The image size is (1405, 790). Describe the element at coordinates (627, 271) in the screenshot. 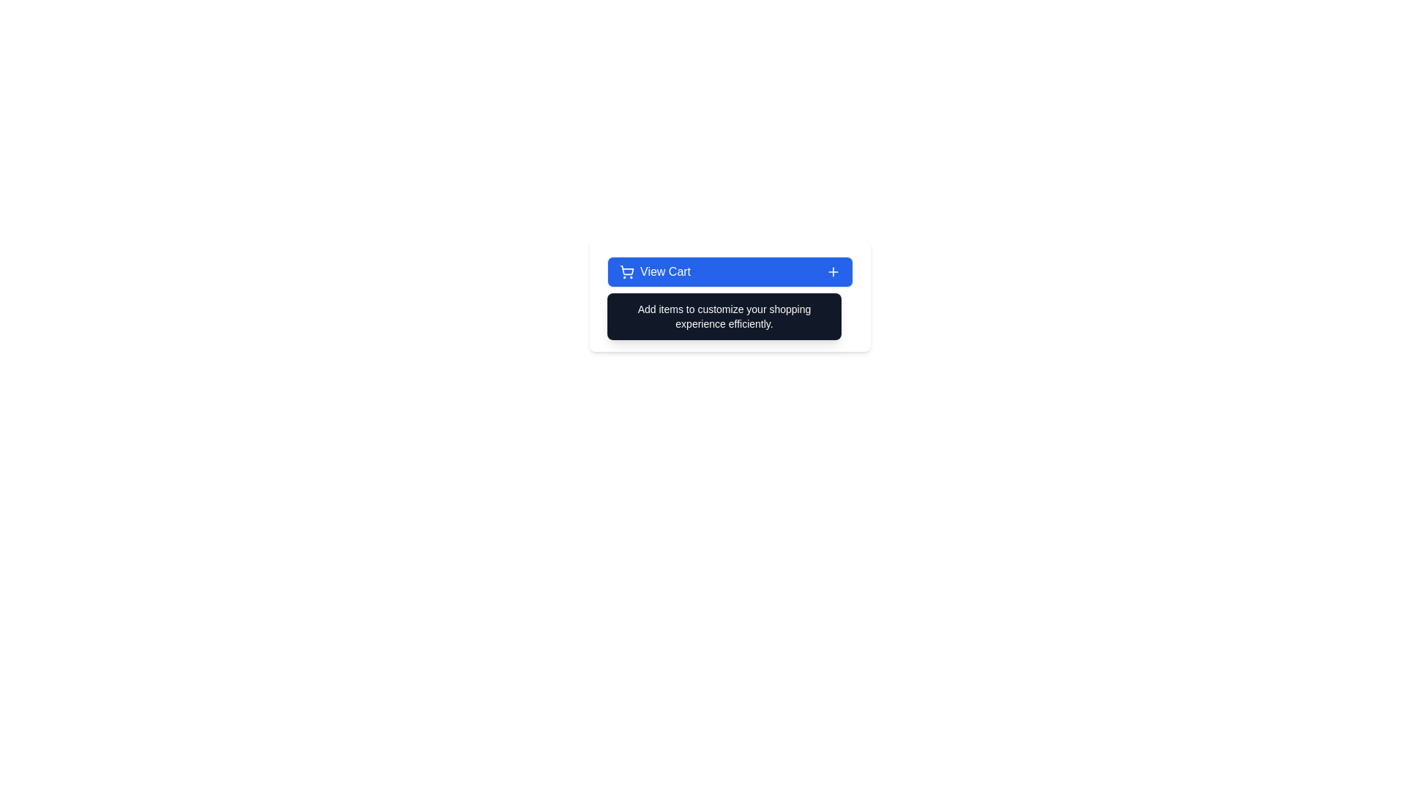

I see `the shopping cart icon, which is the first element in a horizontally aligned group located to the left of the 'View Cart' button` at that location.